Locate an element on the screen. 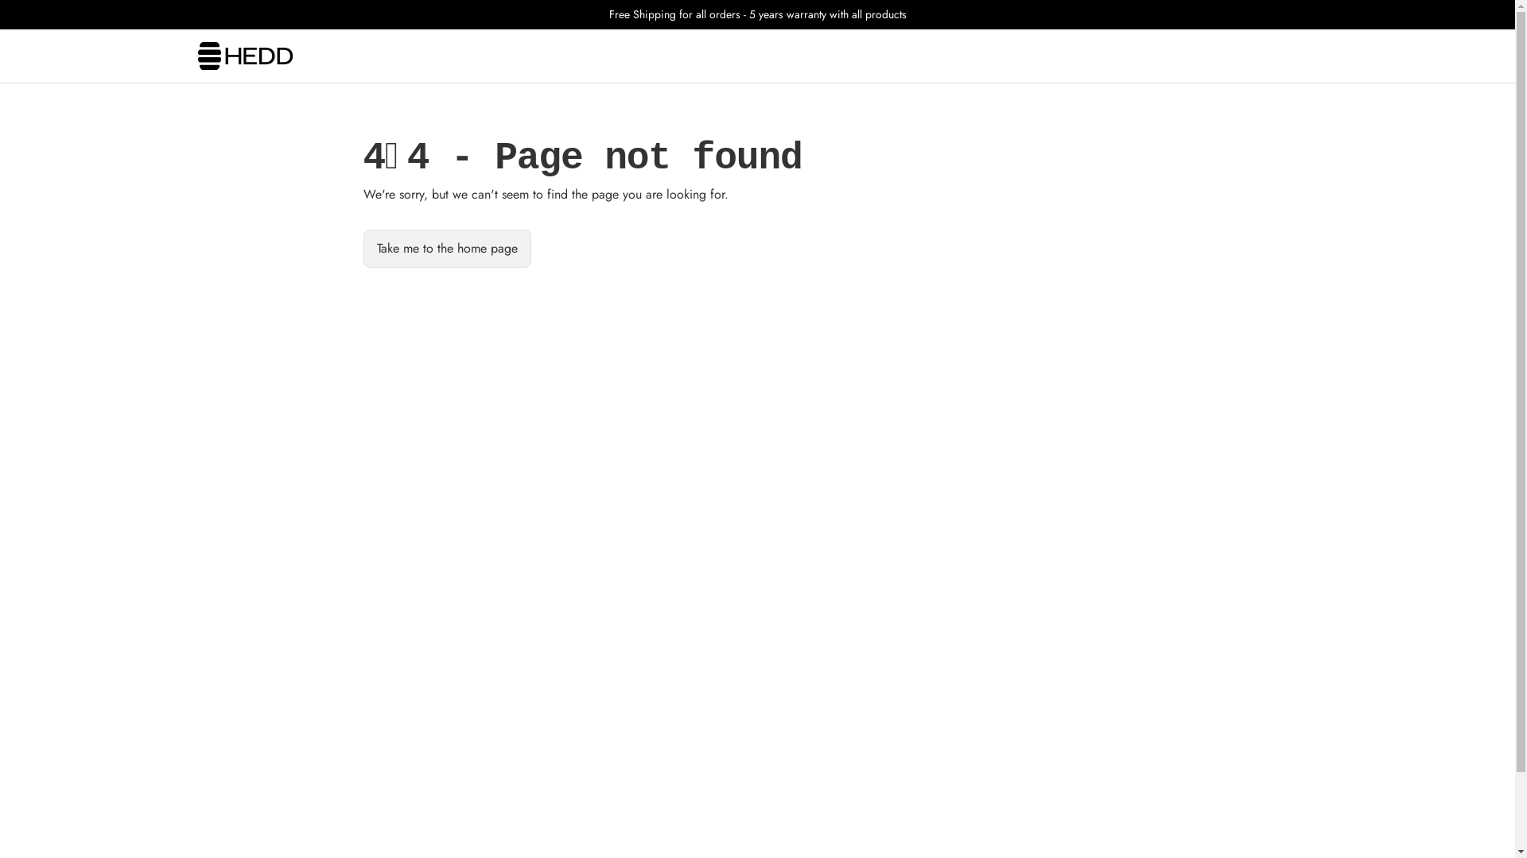 The width and height of the screenshot is (1527, 858). 'Take me to the home page' is located at coordinates (445, 248).